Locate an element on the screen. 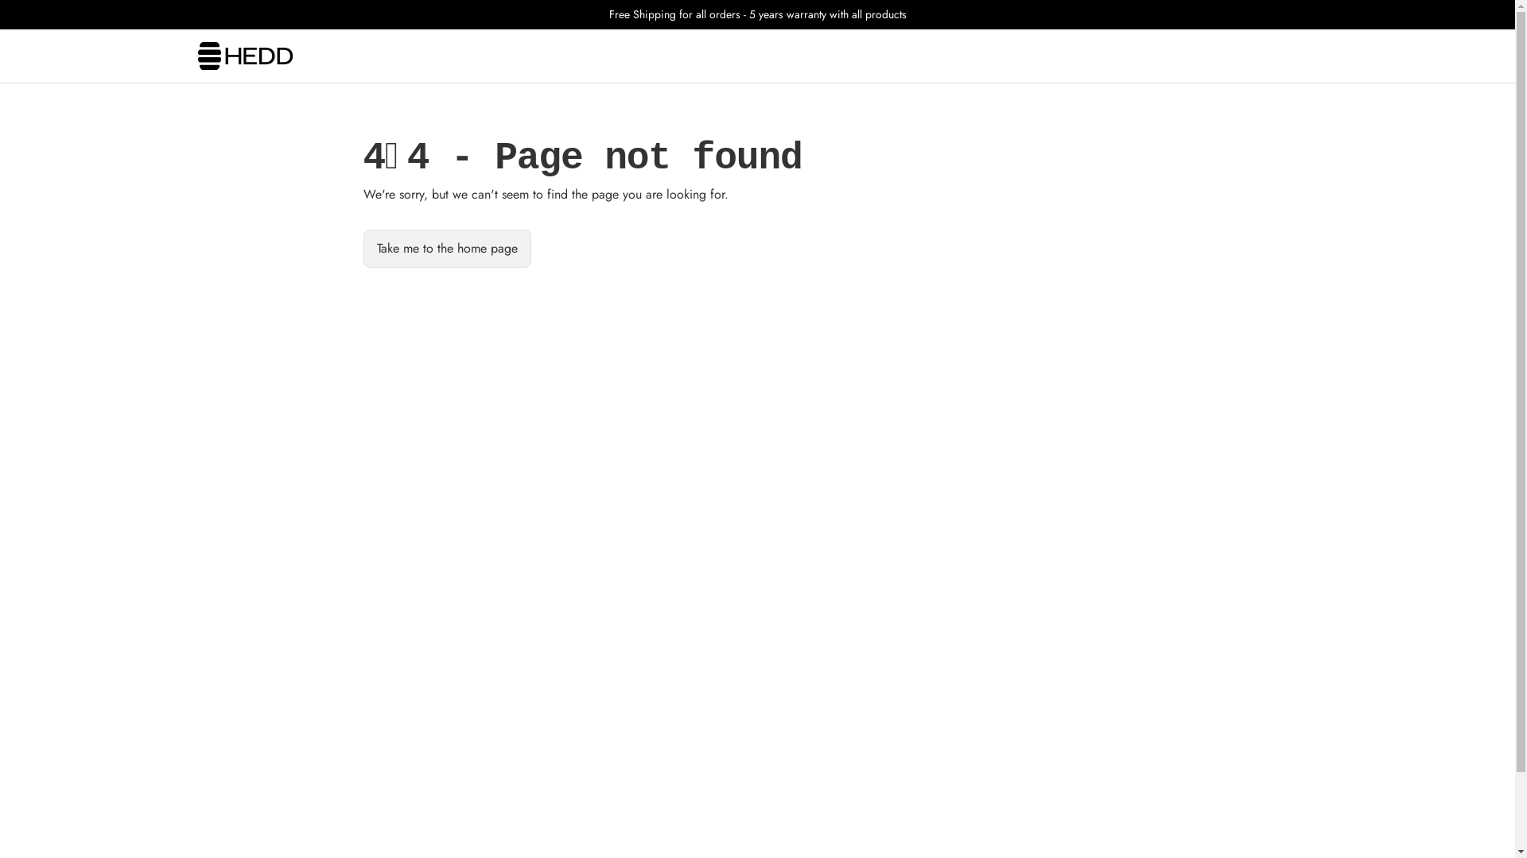 The width and height of the screenshot is (1527, 858). 'Take me to the home page' is located at coordinates (445, 248).